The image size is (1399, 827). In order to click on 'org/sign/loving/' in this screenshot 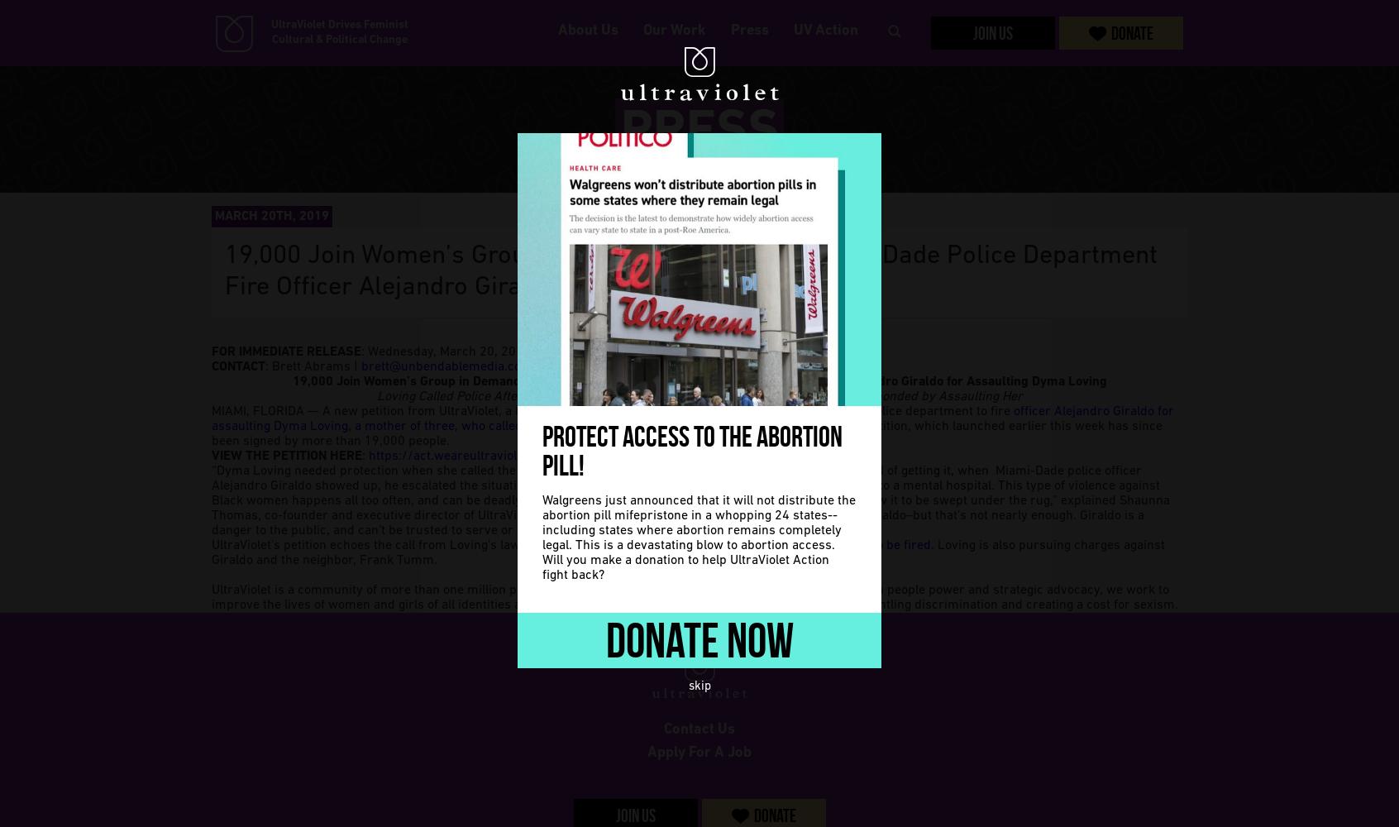, I will do `click(577, 456)`.